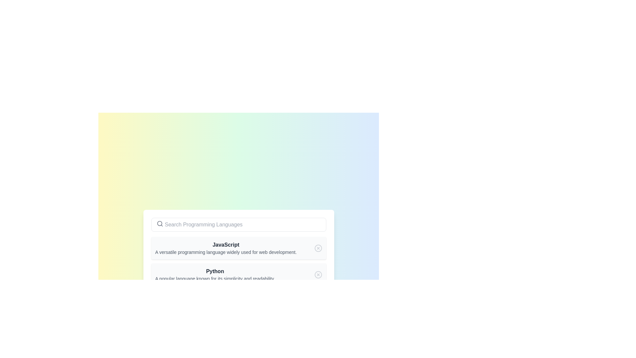 This screenshot has height=358, width=636. What do you see at coordinates (160, 224) in the screenshot?
I see `the presence of the search icon, which is a magnifying glass outlined in gray, located on the left side of the search bar component` at bounding box center [160, 224].